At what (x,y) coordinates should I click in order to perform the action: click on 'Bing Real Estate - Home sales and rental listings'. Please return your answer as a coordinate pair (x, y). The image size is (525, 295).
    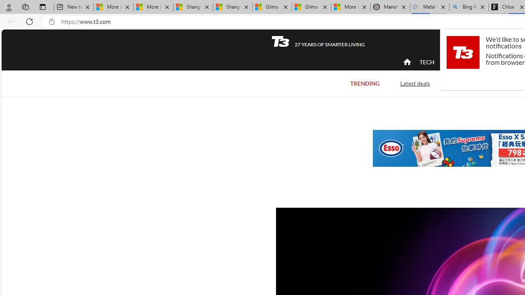
    Looking at the image, I should click on (469, 7).